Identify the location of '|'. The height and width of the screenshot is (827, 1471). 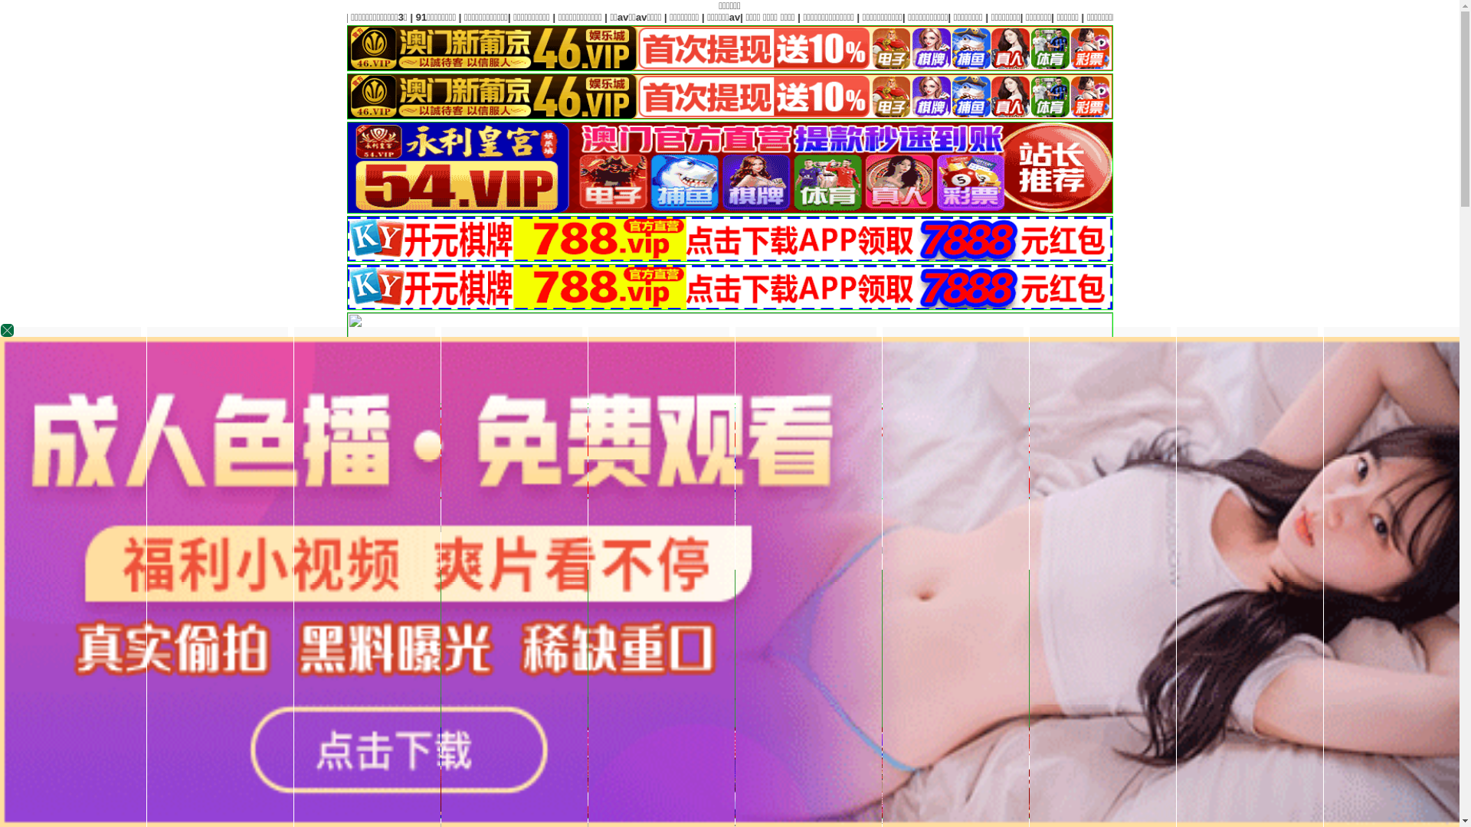
(973, 700).